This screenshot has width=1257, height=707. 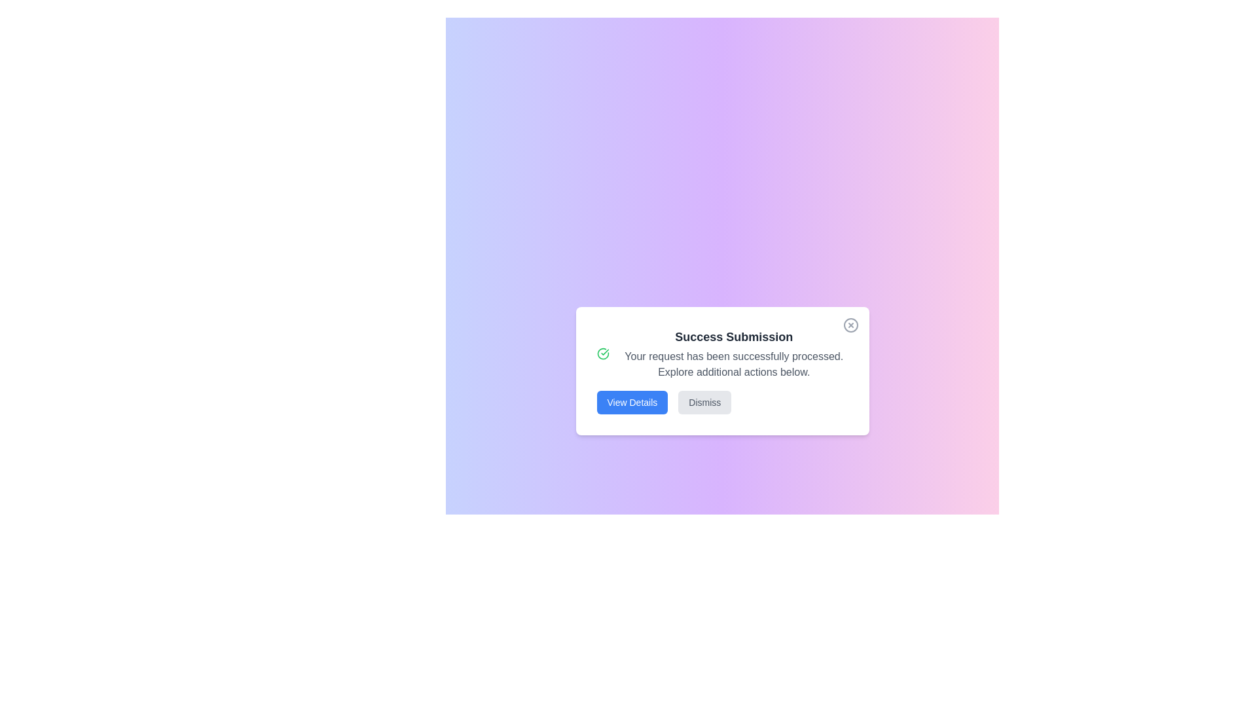 I want to click on the blue 'View Details' button with white text, so click(x=632, y=401).